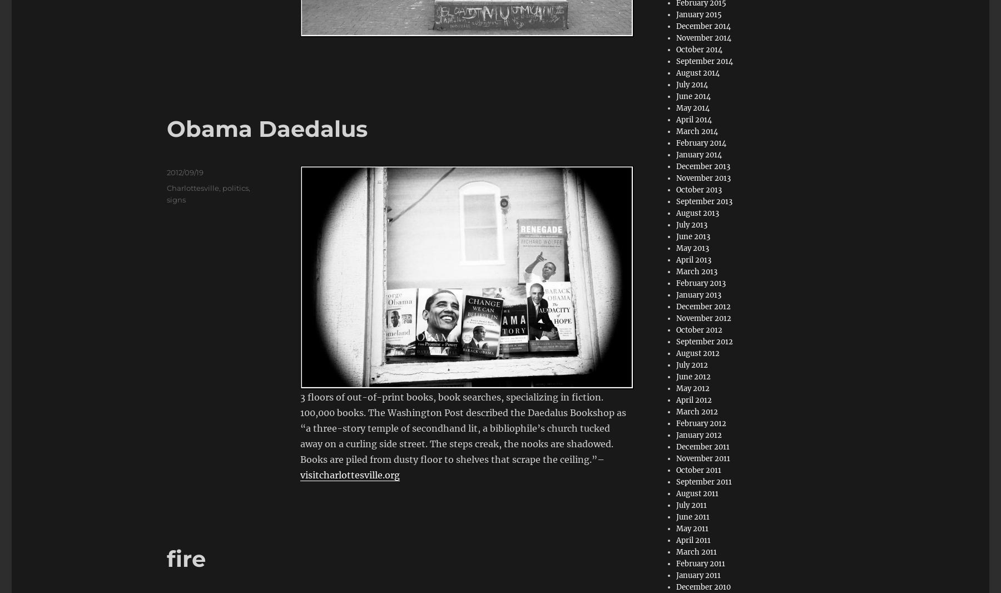 The width and height of the screenshot is (1001, 593). I want to click on 'August 2011', so click(676, 493).